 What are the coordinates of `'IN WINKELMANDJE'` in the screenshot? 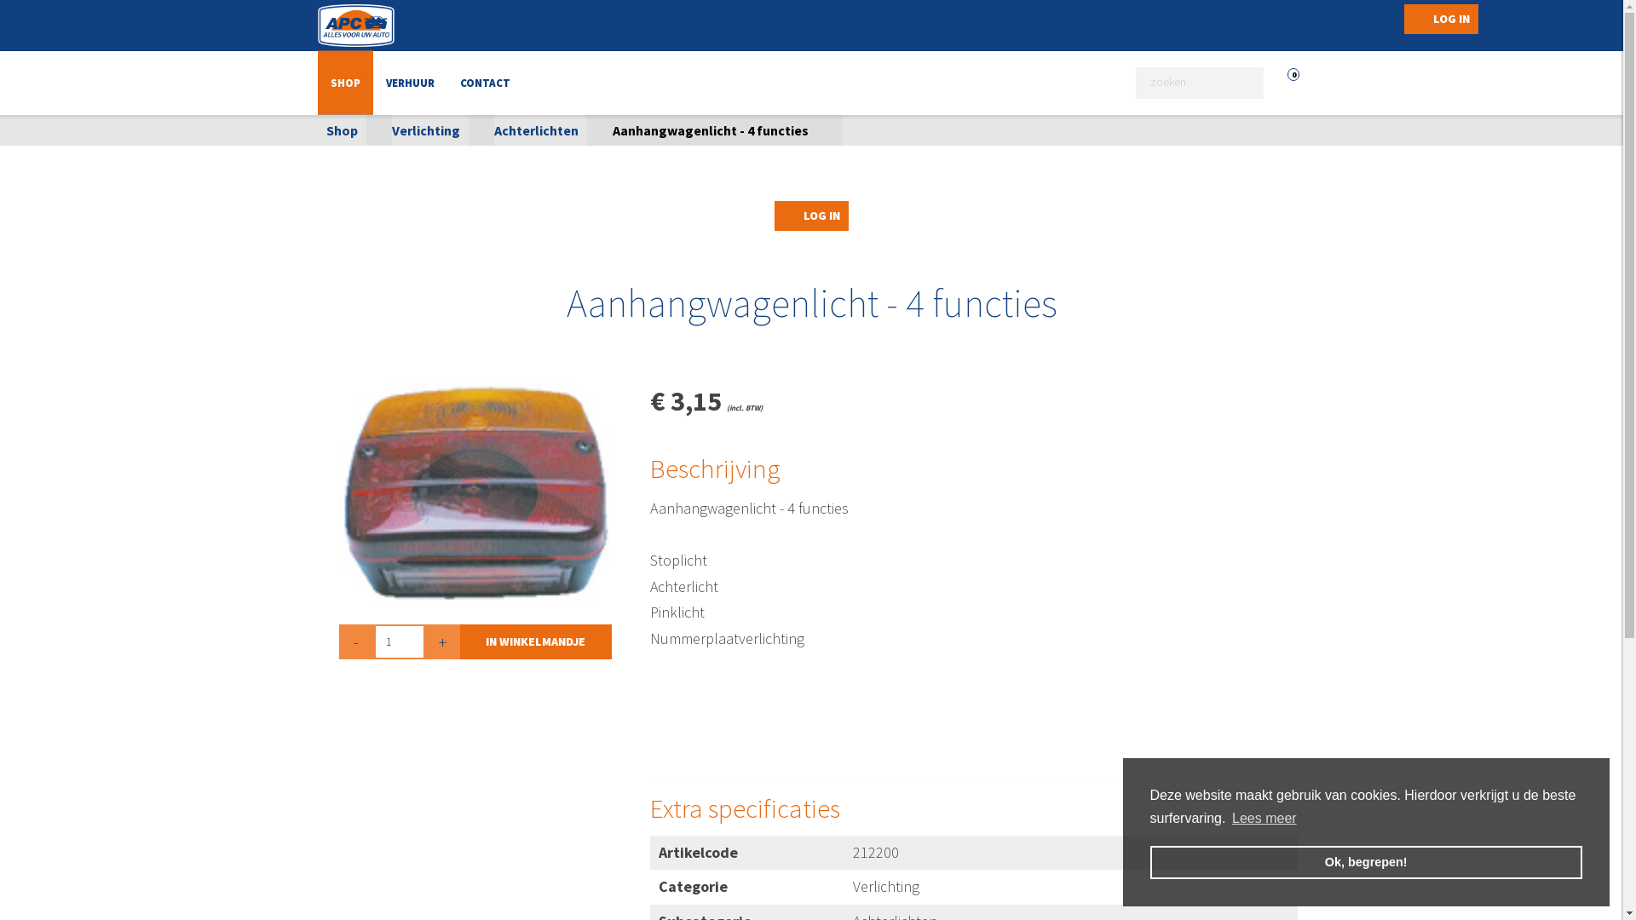 It's located at (534, 641).